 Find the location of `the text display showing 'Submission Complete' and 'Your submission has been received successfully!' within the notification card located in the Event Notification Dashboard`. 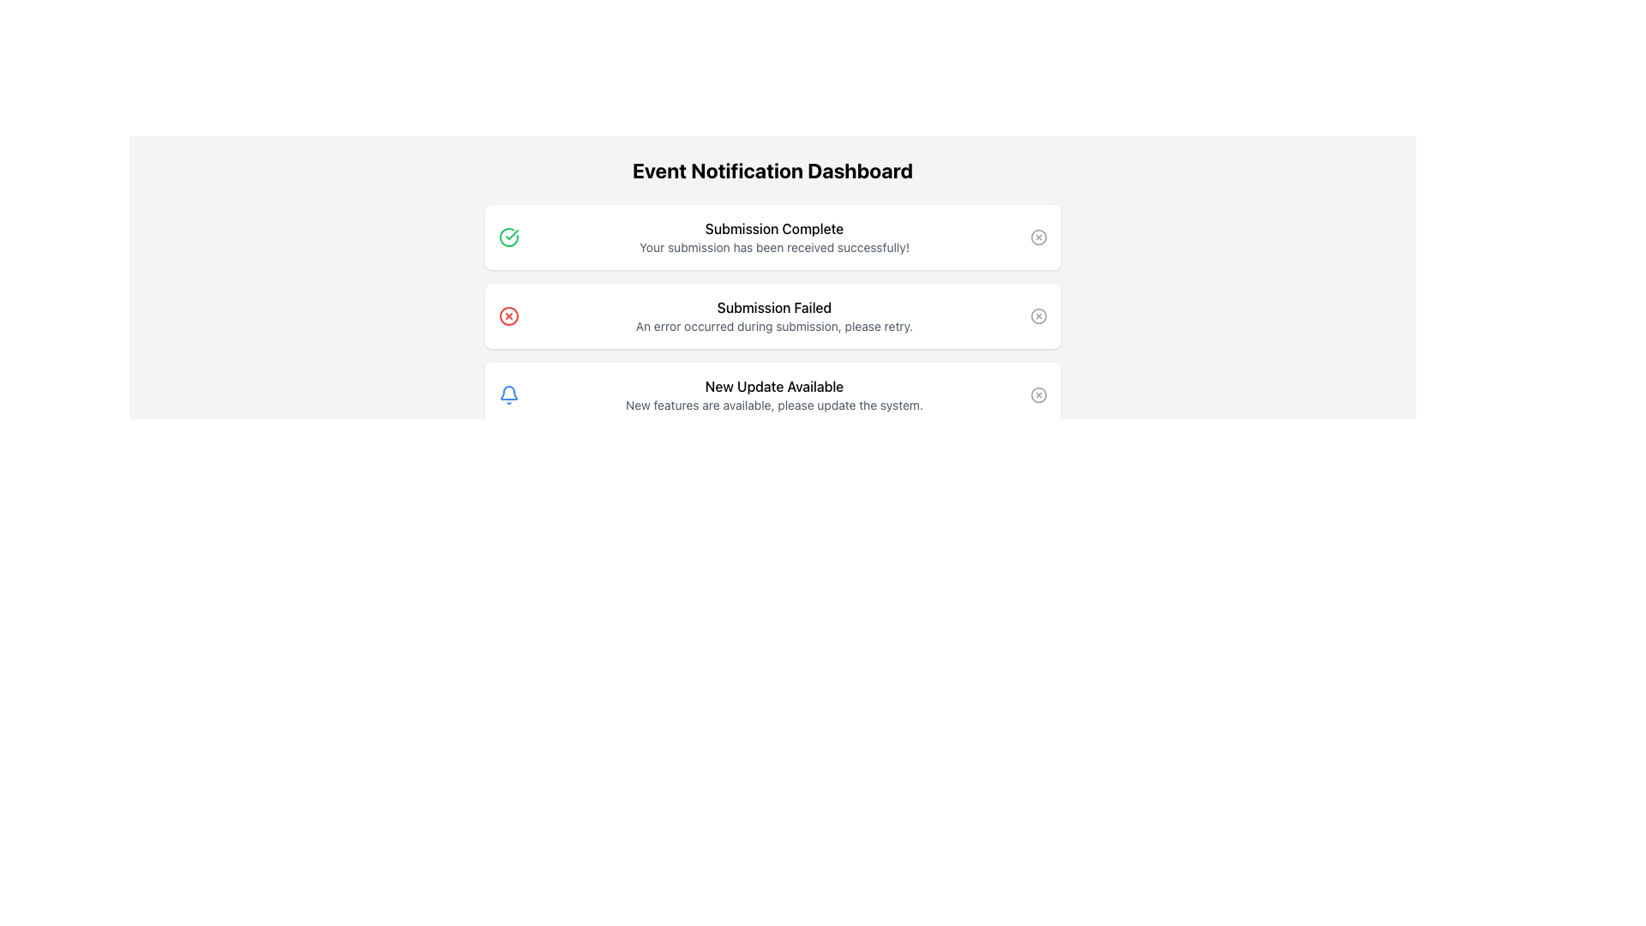

the text display showing 'Submission Complete' and 'Your submission has been received successfully!' within the notification card located in the Event Notification Dashboard is located at coordinates (773, 238).